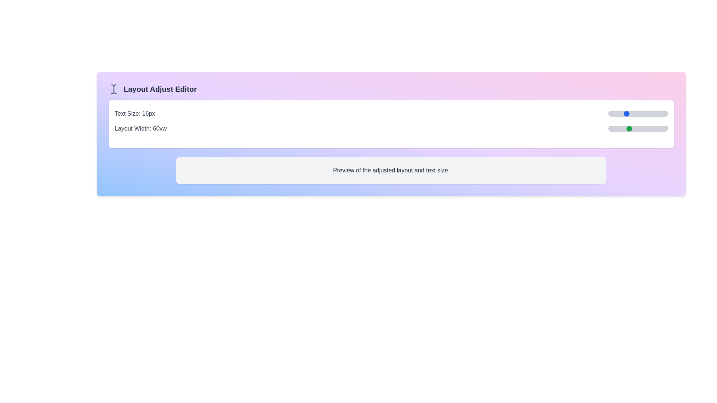 This screenshot has width=717, height=403. What do you see at coordinates (628, 128) in the screenshot?
I see `the layout width` at bounding box center [628, 128].